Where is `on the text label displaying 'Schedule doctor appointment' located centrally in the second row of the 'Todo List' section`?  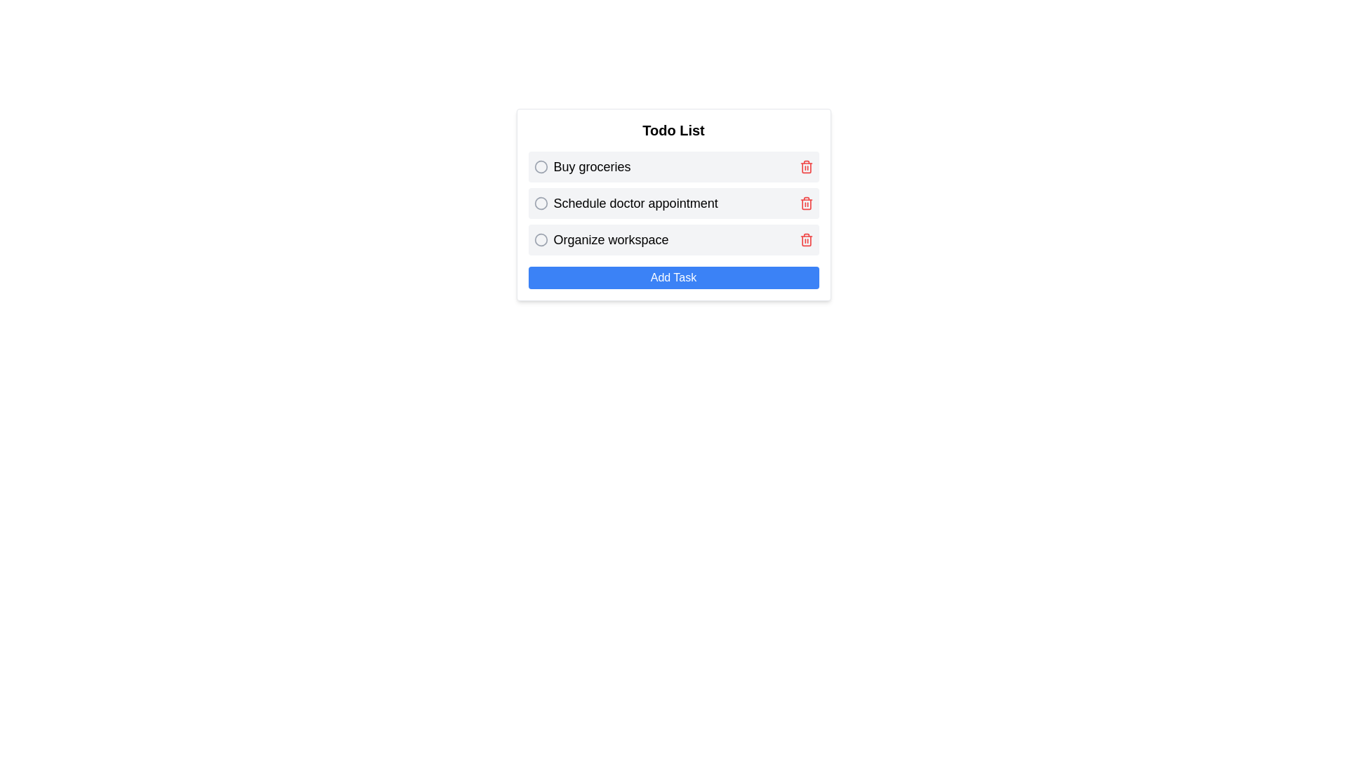
on the text label displaying 'Schedule doctor appointment' located centrally in the second row of the 'Todo List' section is located at coordinates (635, 203).